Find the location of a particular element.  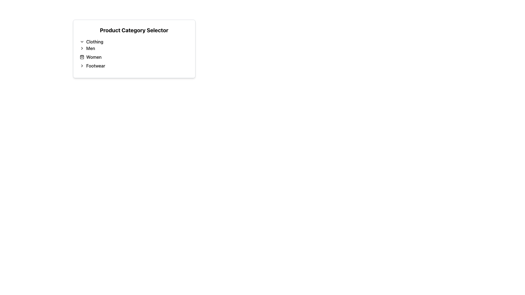

the downward-pointing chevron icon located to the left of the text label 'Clothing' is located at coordinates (81, 42).